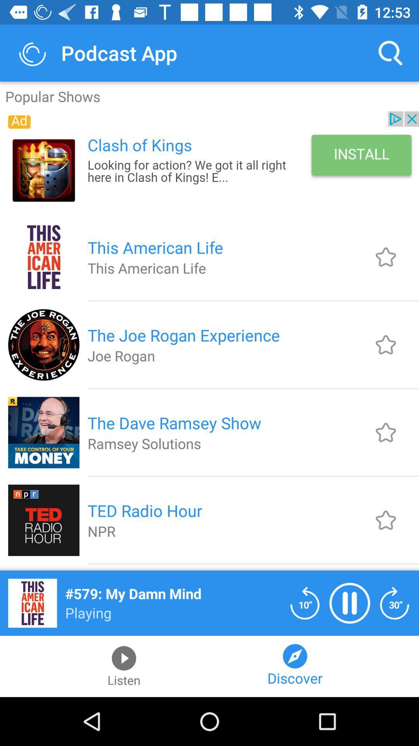 The width and height of the screenshot is (419, 746). What do you see at coordinates (395, 603) in the screenshot?
I see `the av_forward icon` at bounding box center [395, 603].